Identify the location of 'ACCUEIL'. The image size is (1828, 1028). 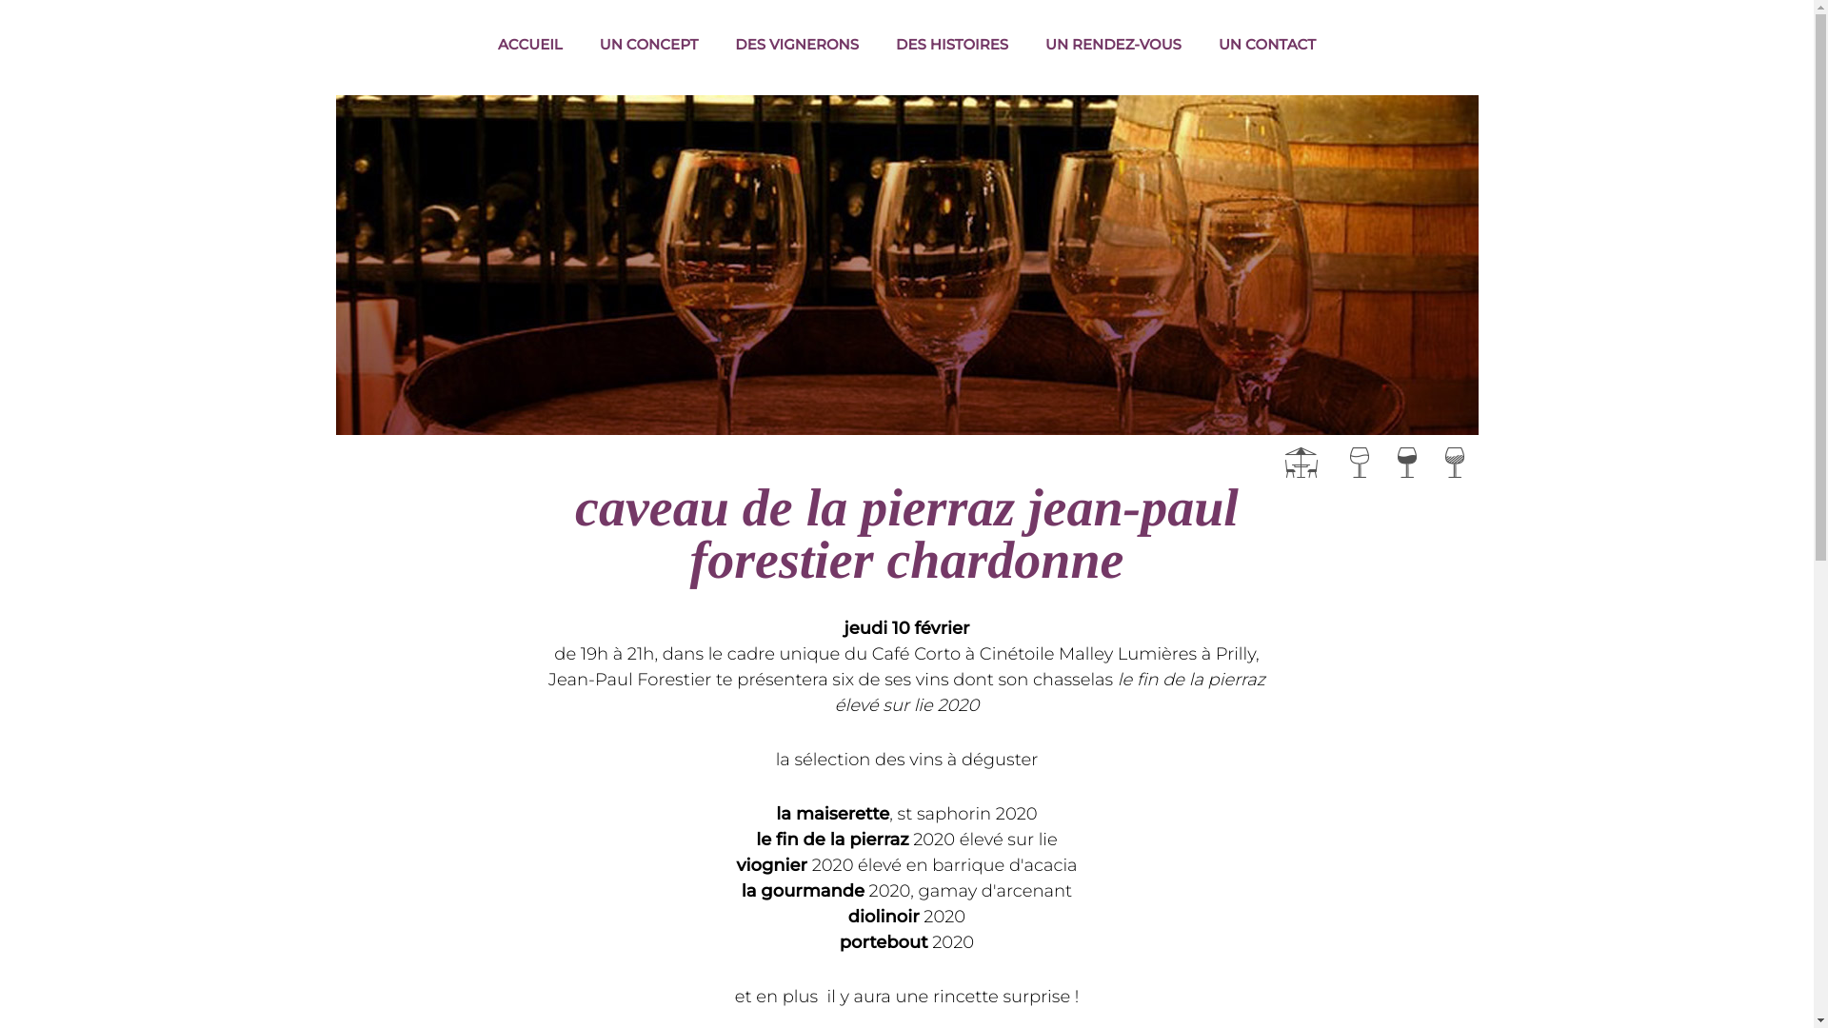
(529, 45).